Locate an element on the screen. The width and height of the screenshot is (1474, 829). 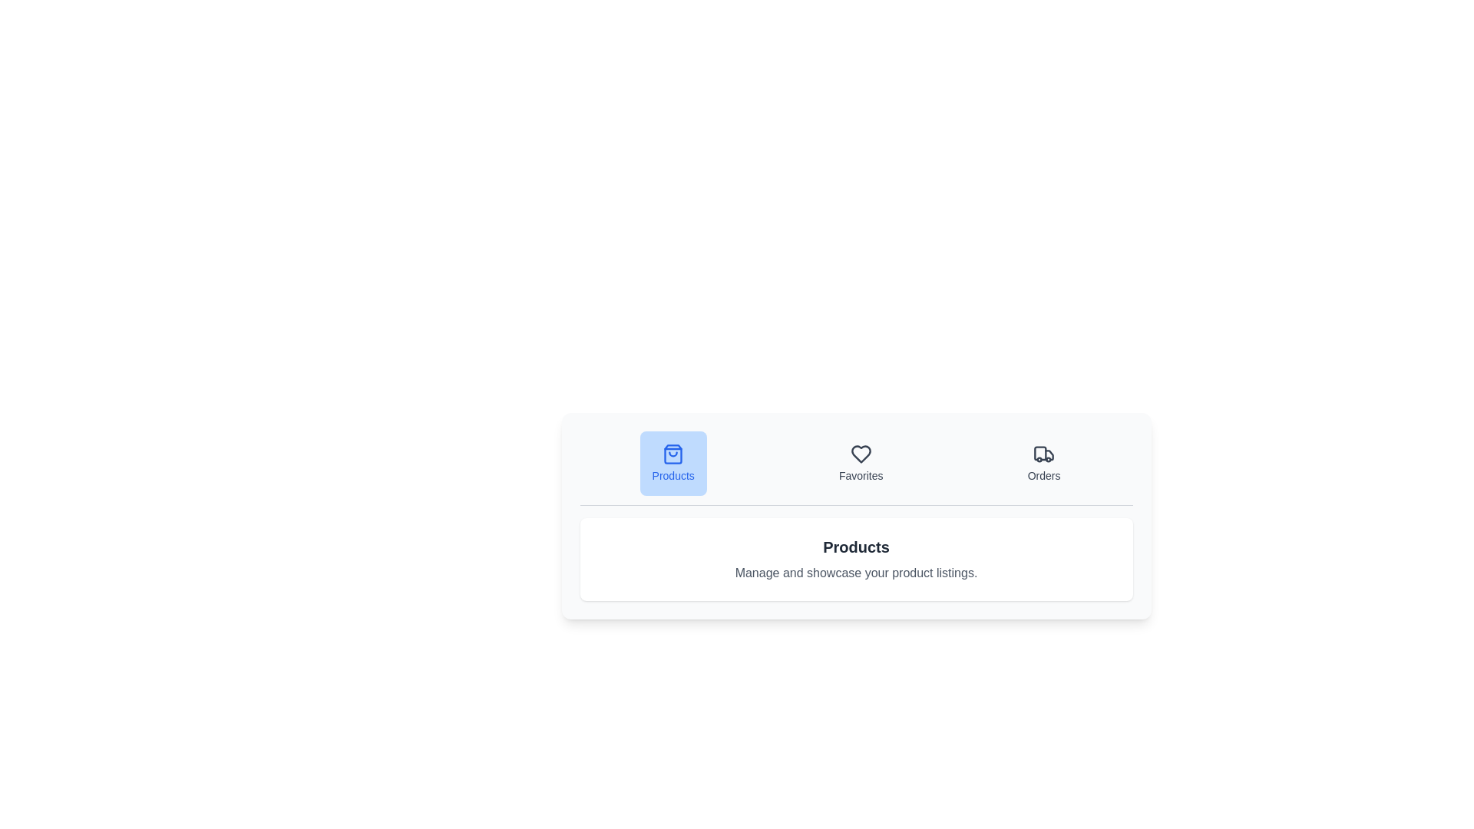
the tab labeled Favorites is located at coordinates (861, 463).